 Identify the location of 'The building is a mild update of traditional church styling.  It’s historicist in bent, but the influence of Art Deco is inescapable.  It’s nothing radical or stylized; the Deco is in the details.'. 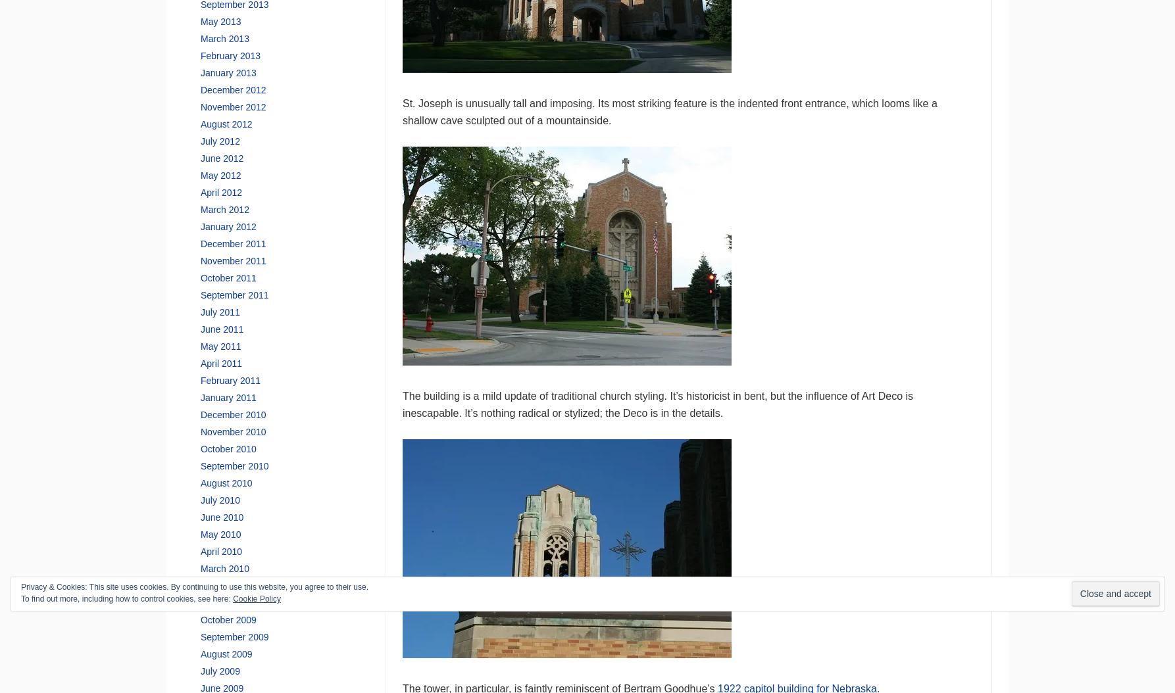
(657, 403).